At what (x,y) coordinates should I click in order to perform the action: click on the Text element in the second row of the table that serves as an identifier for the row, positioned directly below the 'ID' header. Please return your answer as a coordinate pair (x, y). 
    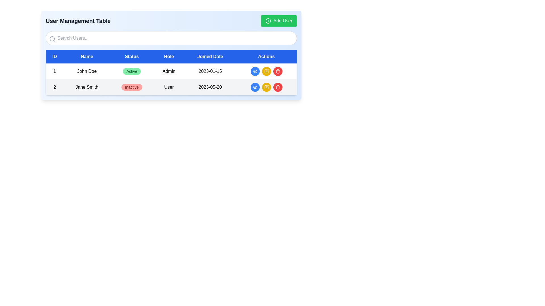
    Looking at the image, I should click on (54, 87).